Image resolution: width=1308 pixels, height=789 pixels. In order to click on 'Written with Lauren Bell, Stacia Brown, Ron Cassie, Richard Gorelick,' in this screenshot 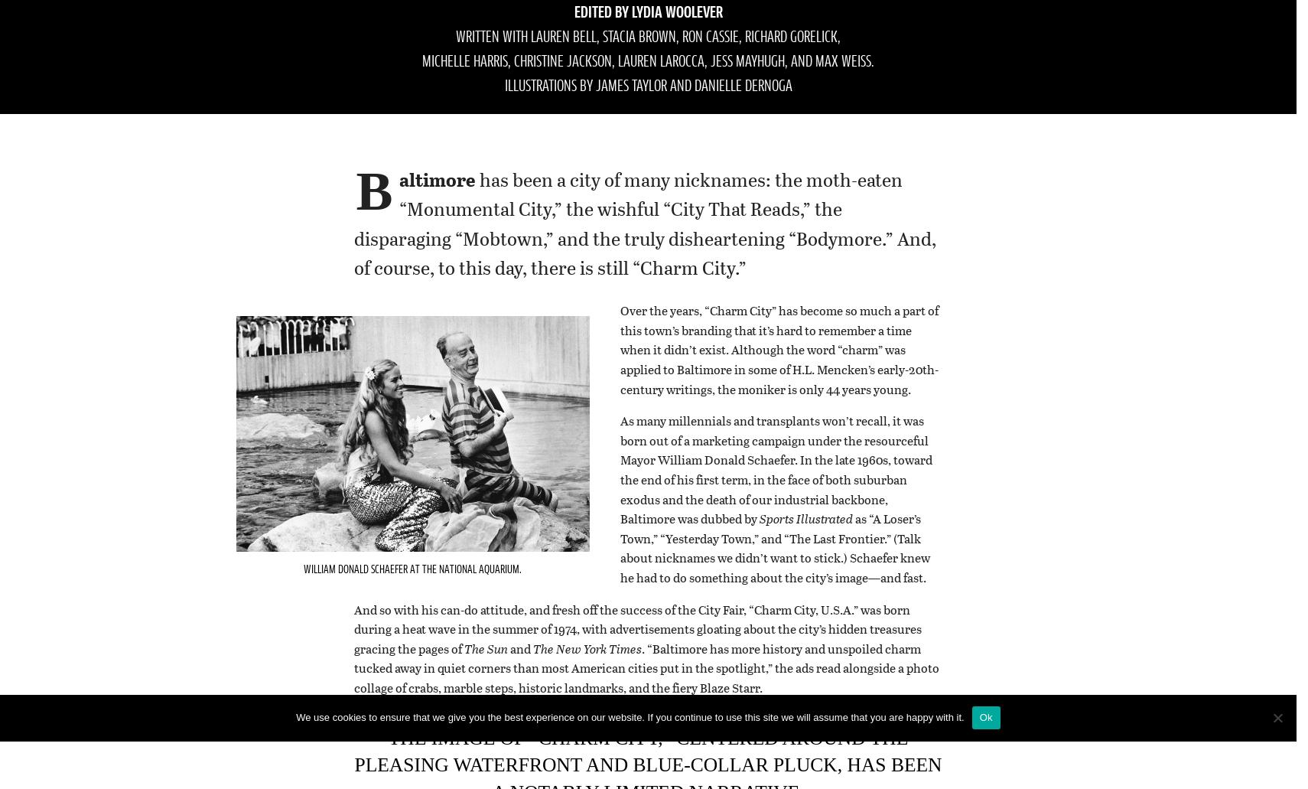, I will do `click(455, 37)`.